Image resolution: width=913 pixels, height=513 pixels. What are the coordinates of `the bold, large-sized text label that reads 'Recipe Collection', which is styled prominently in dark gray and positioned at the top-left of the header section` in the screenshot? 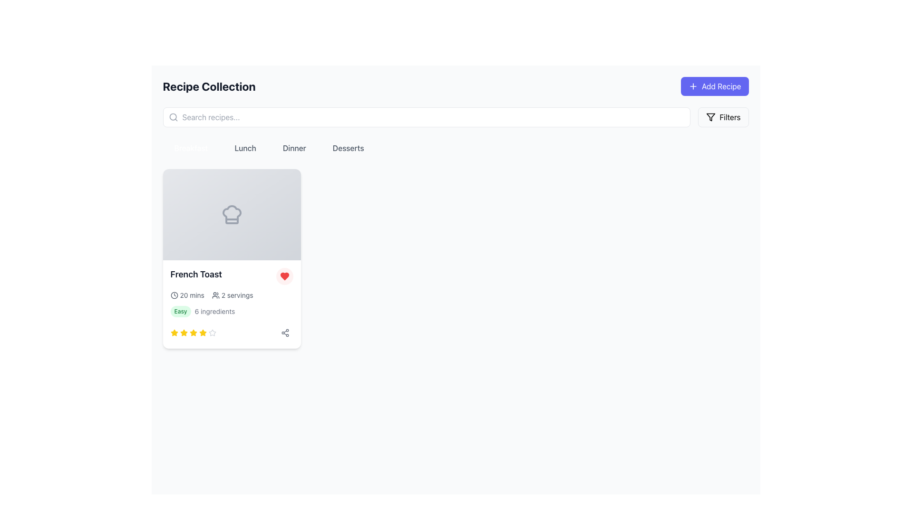 It's located at (209, 86).